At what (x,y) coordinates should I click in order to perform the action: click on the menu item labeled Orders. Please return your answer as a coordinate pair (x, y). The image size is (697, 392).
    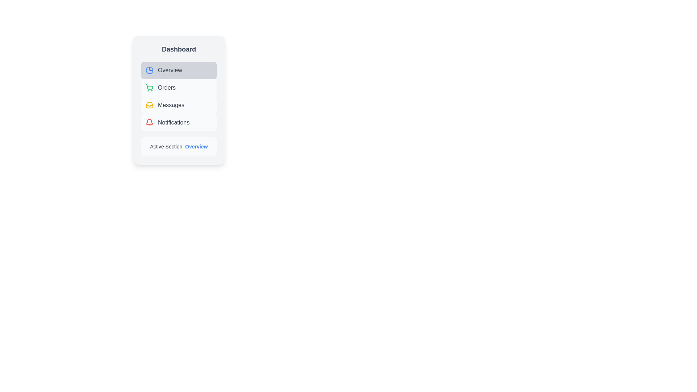
    Looking at the image, I should click on (179, 87).